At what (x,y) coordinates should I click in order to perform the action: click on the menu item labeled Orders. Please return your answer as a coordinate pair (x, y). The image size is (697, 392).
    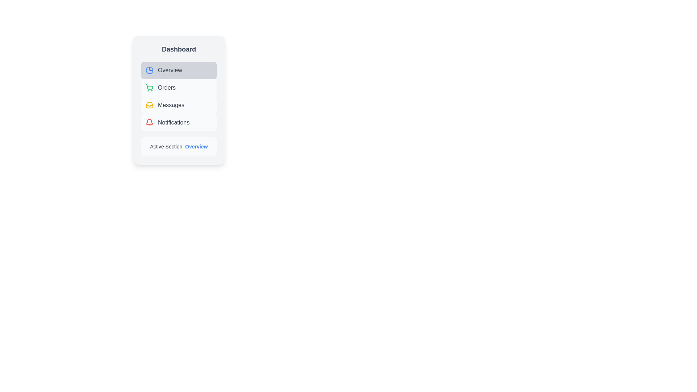
    Looking at the image, I should click on (179, 87).